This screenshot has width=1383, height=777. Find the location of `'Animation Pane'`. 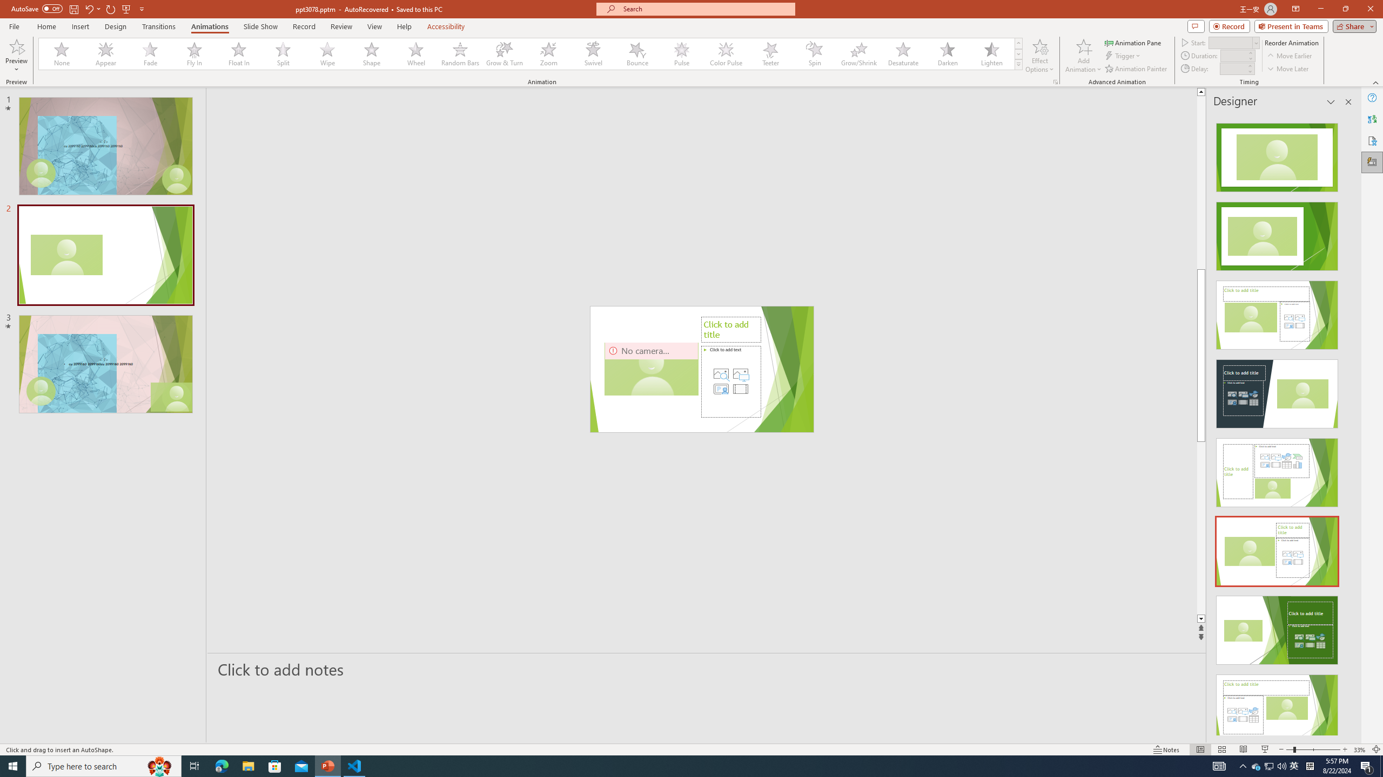

'Animation Pane' is located at coordinates (1134, 42).